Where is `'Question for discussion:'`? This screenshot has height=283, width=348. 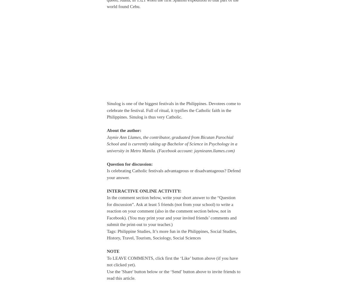
'Question for discussion:' is located at coordinates (129, 164).